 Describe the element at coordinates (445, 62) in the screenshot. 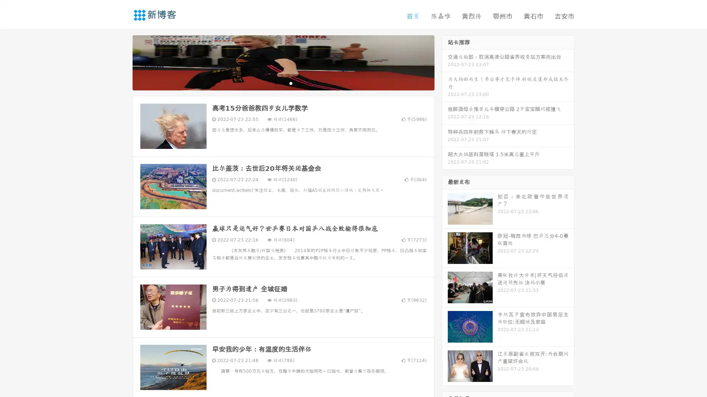

I see `Next slide` at that location.